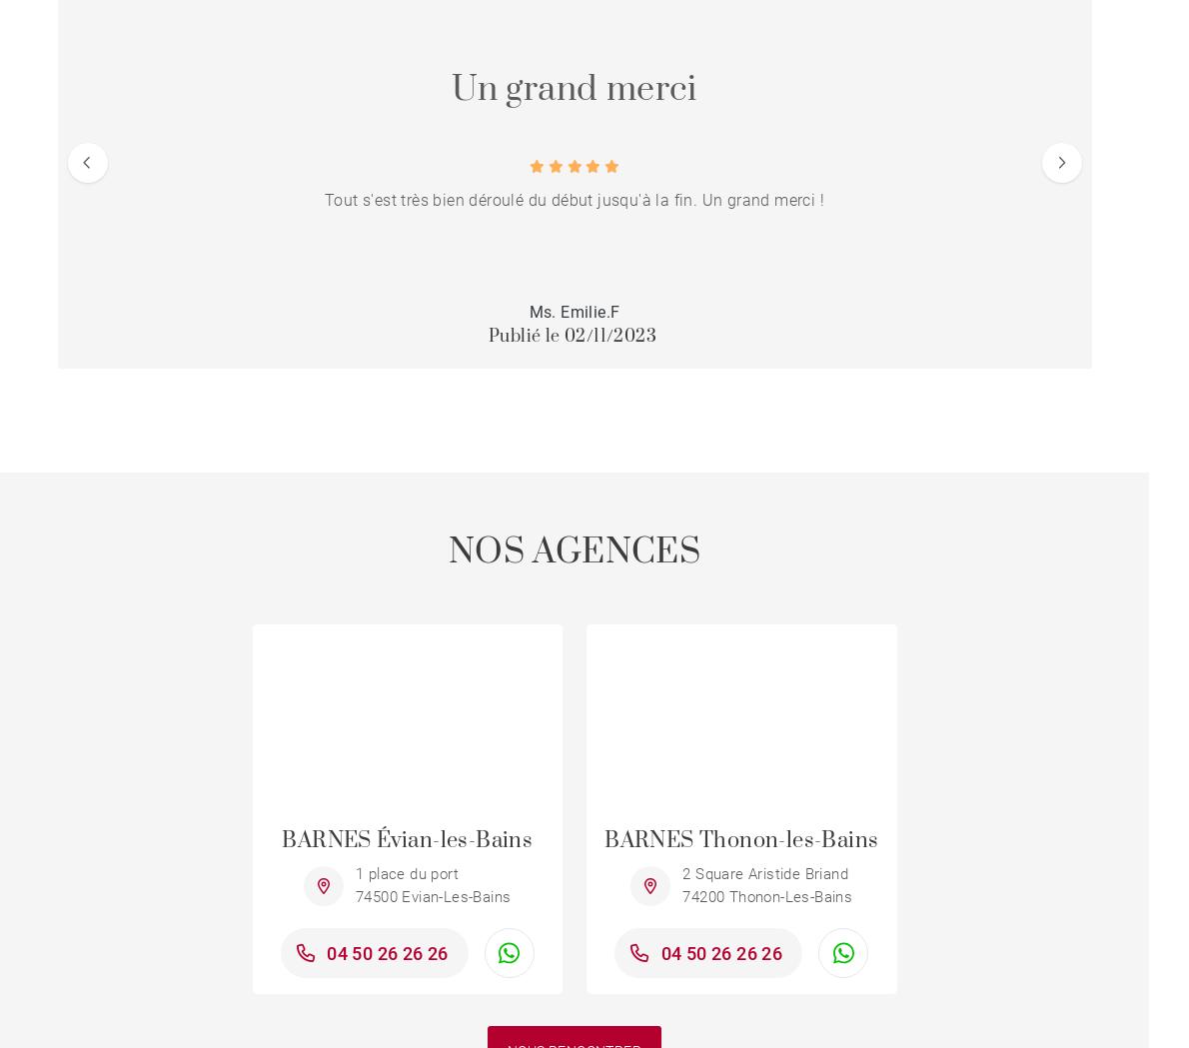 This screenshot has height=1048, width=1189. Describe the element at coordinates (680, 873) in the screenshot. I see `'2 Square Aristide Briand'` at that location.